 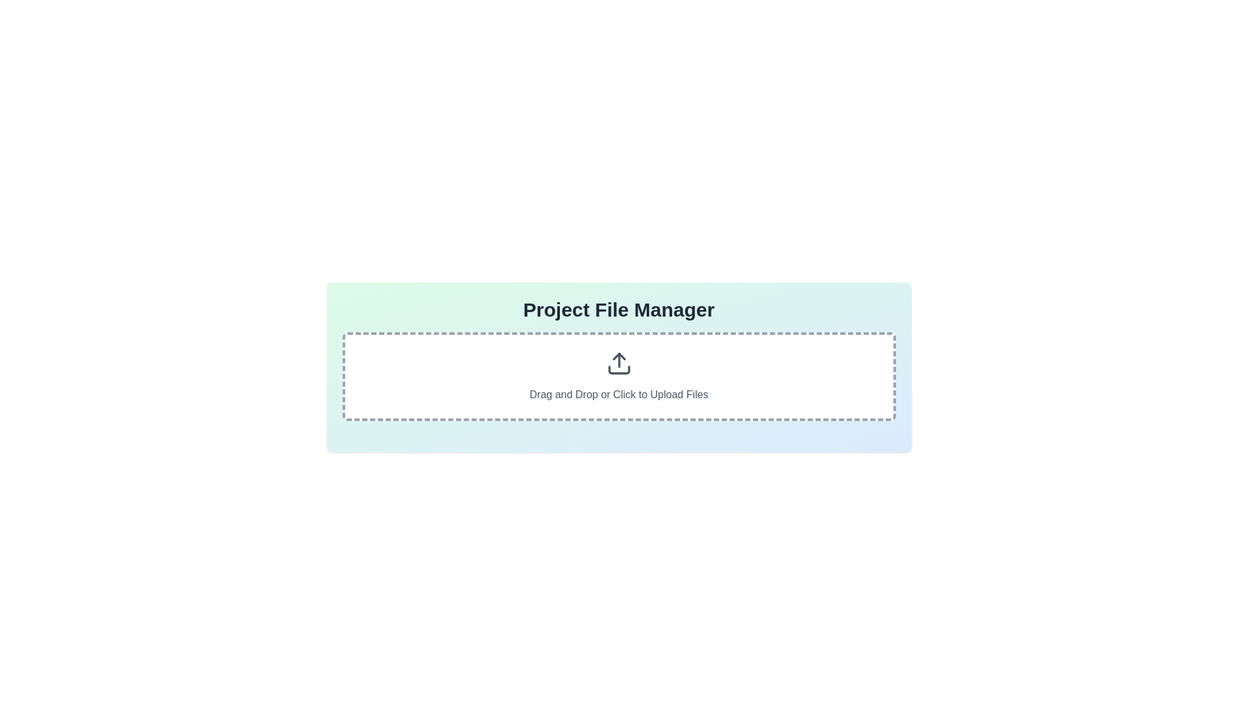 I want to click on the decorative horizontal rectangular bar located at the bottom of the upload icon within the file upload area, so click(x=618, y=370).